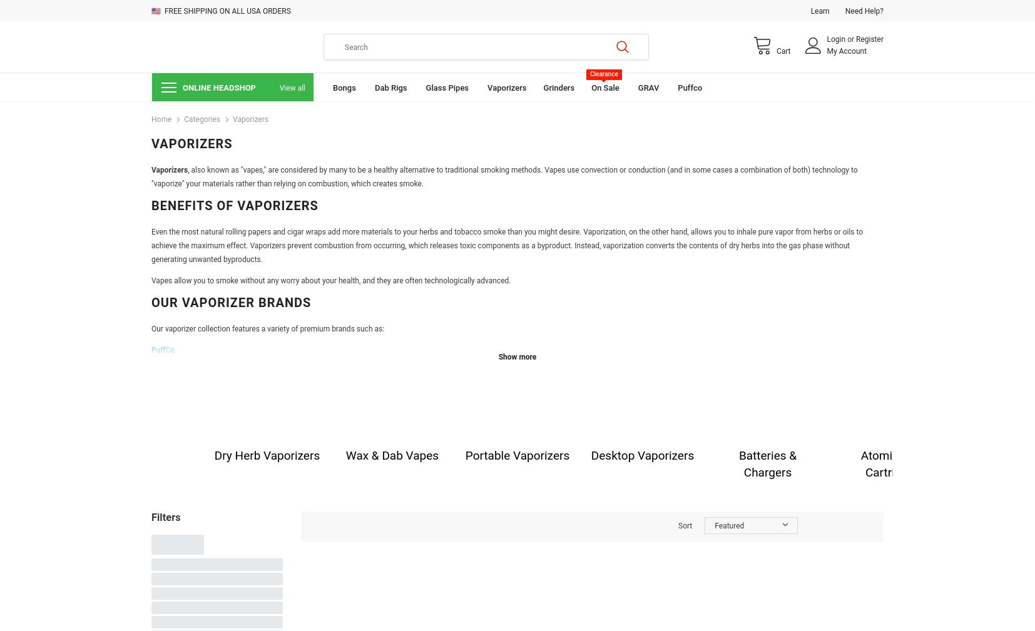  Describe the element at coordinates (507, 245) in the screenshot. I see `'Even the most natural rolling papers and cigar wraps add more materials to your herbs and tobacco smoke than you might desire. Vaporization, on the other hand, allows you to inhale pure vapor from herbs or oils to achieve the maximum effect. Vaporizers prevent combustion from occurring, which releases toxic components as a byproduct. Instead, vaporization converts the contents of dry herbs into the gas phase without generating unwanted byproducts.'` at that location.